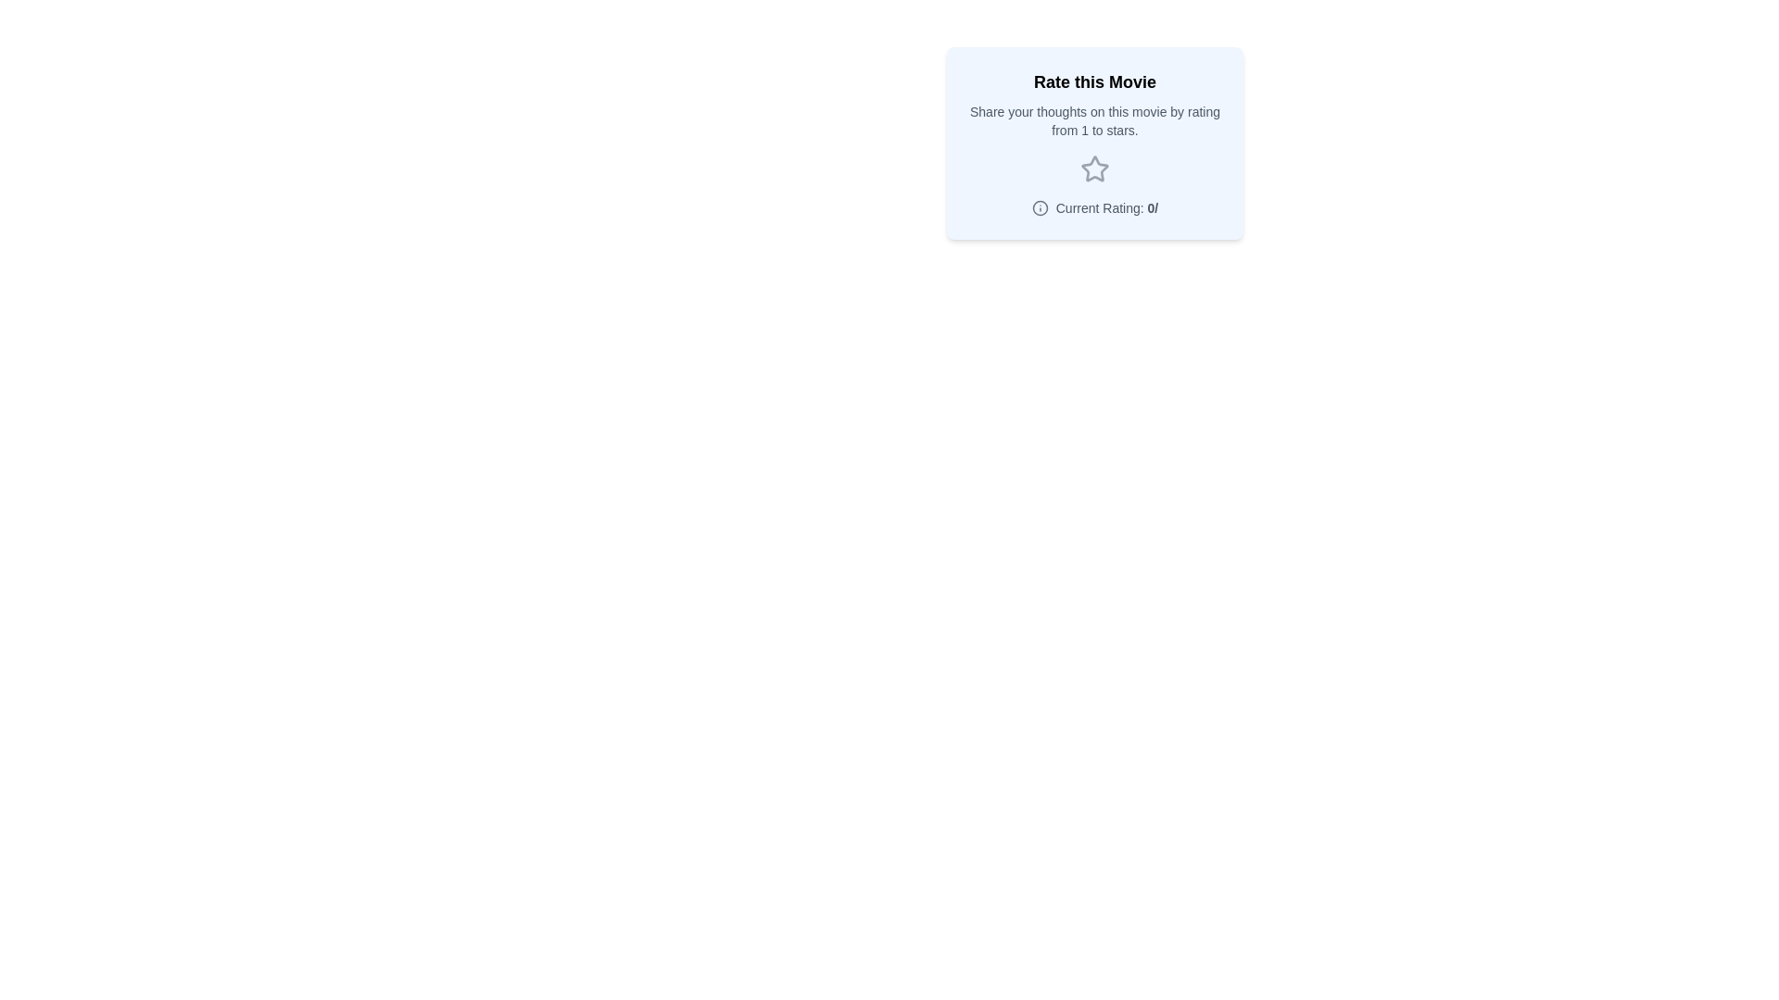 The width and height of the screenshot is (1779, 1000). Describe the element at coordinates (1094, 104) in the screenshot. I see `informative text block titled 'Rate this Movie' that provides a description for rating the movie` at that location.